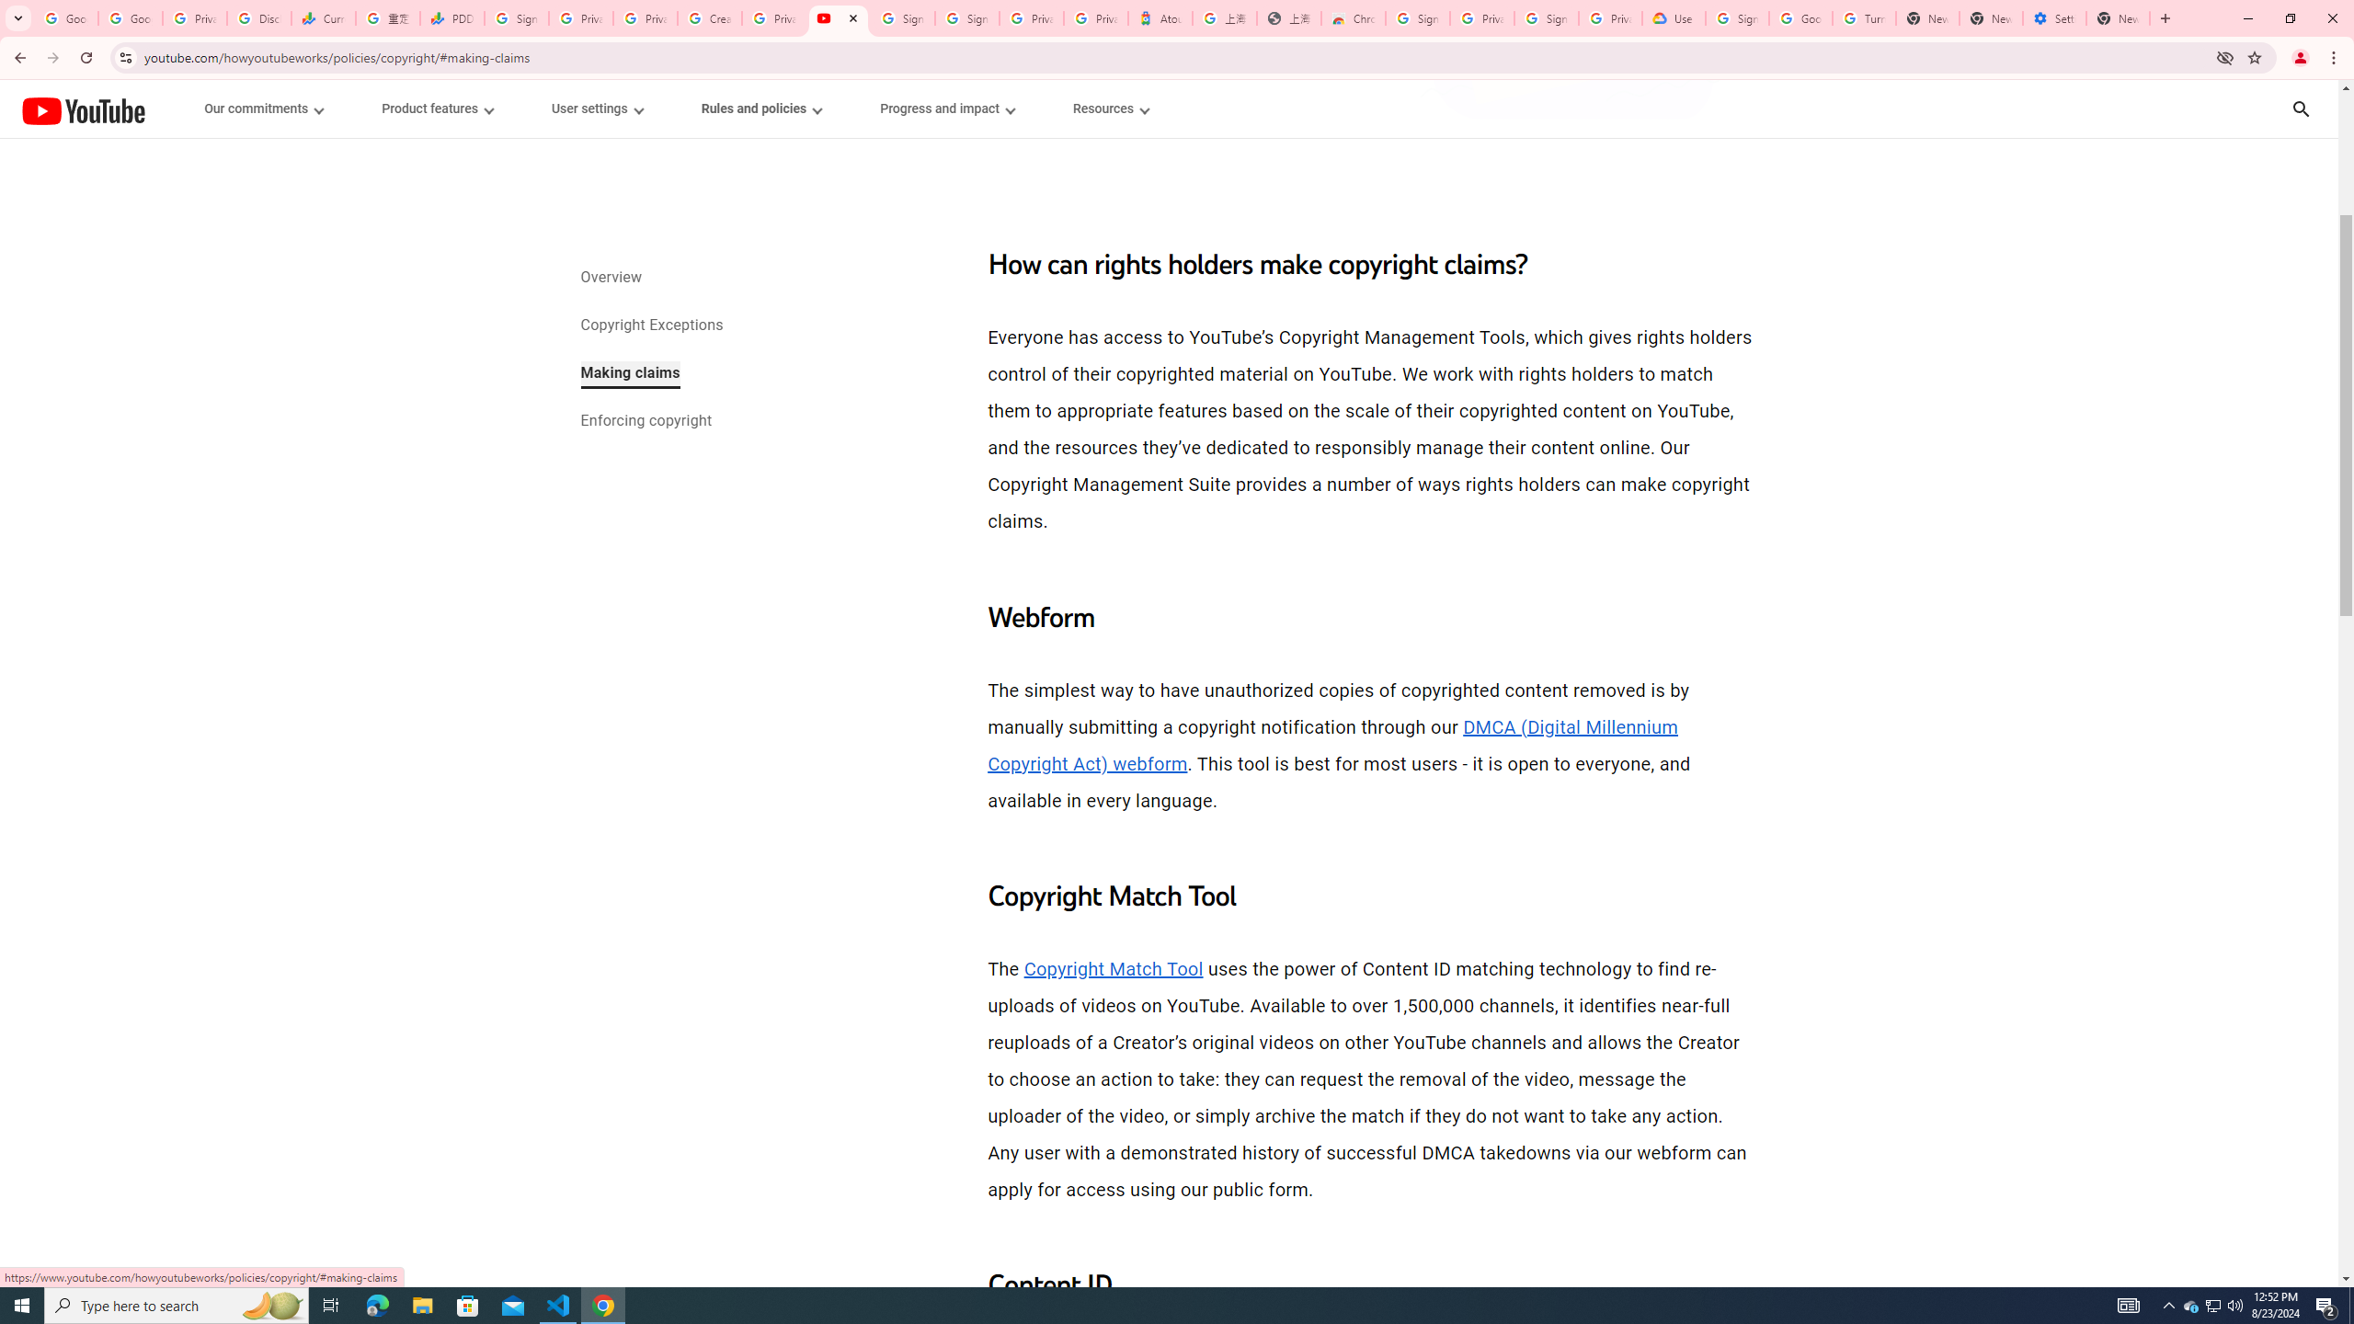 The height and width of the screenshot is (1324, 2354). Describe the element at coordinates (708, 17) in the screenshot. I see `'Create your Google Account'` at that location.